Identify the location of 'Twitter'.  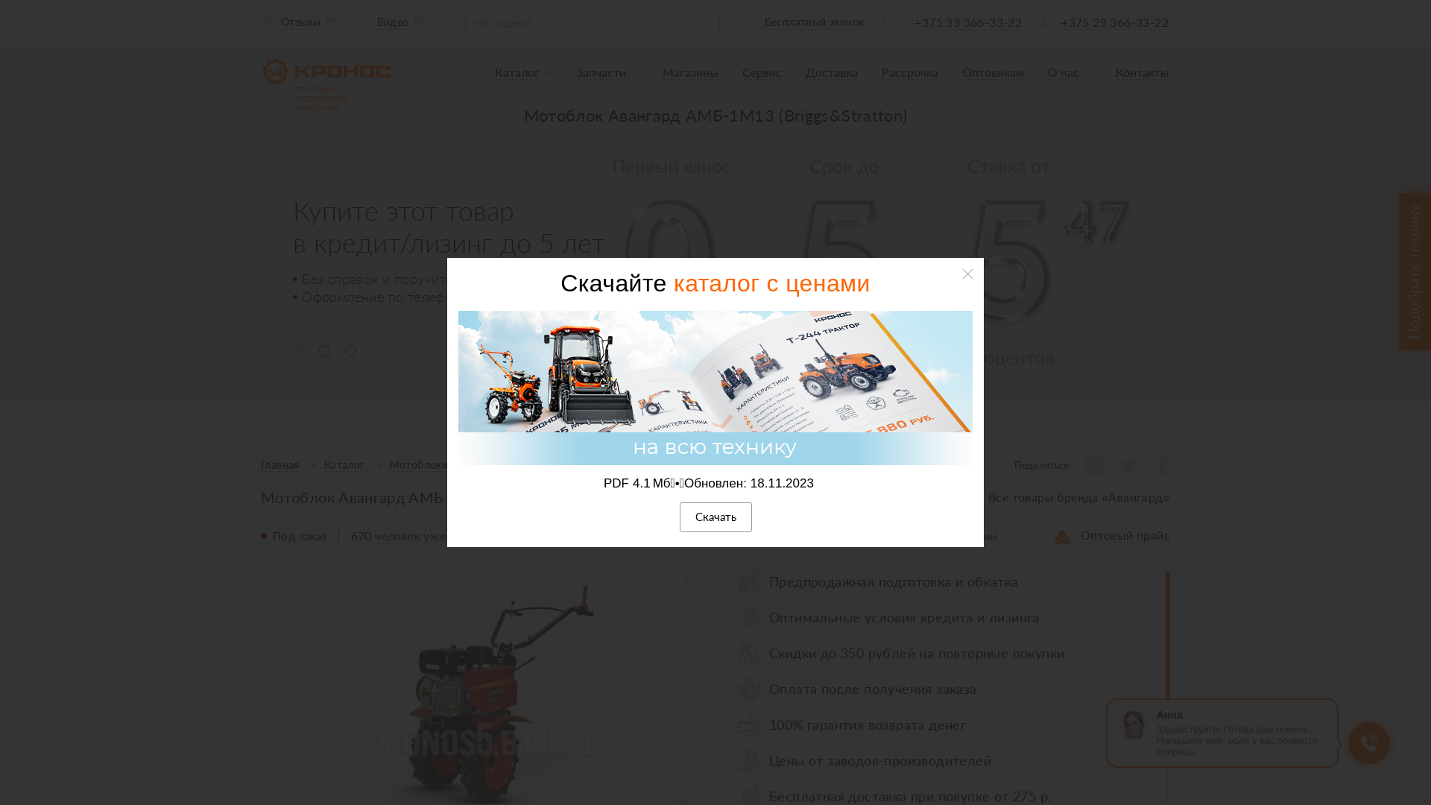
(1127, 464).